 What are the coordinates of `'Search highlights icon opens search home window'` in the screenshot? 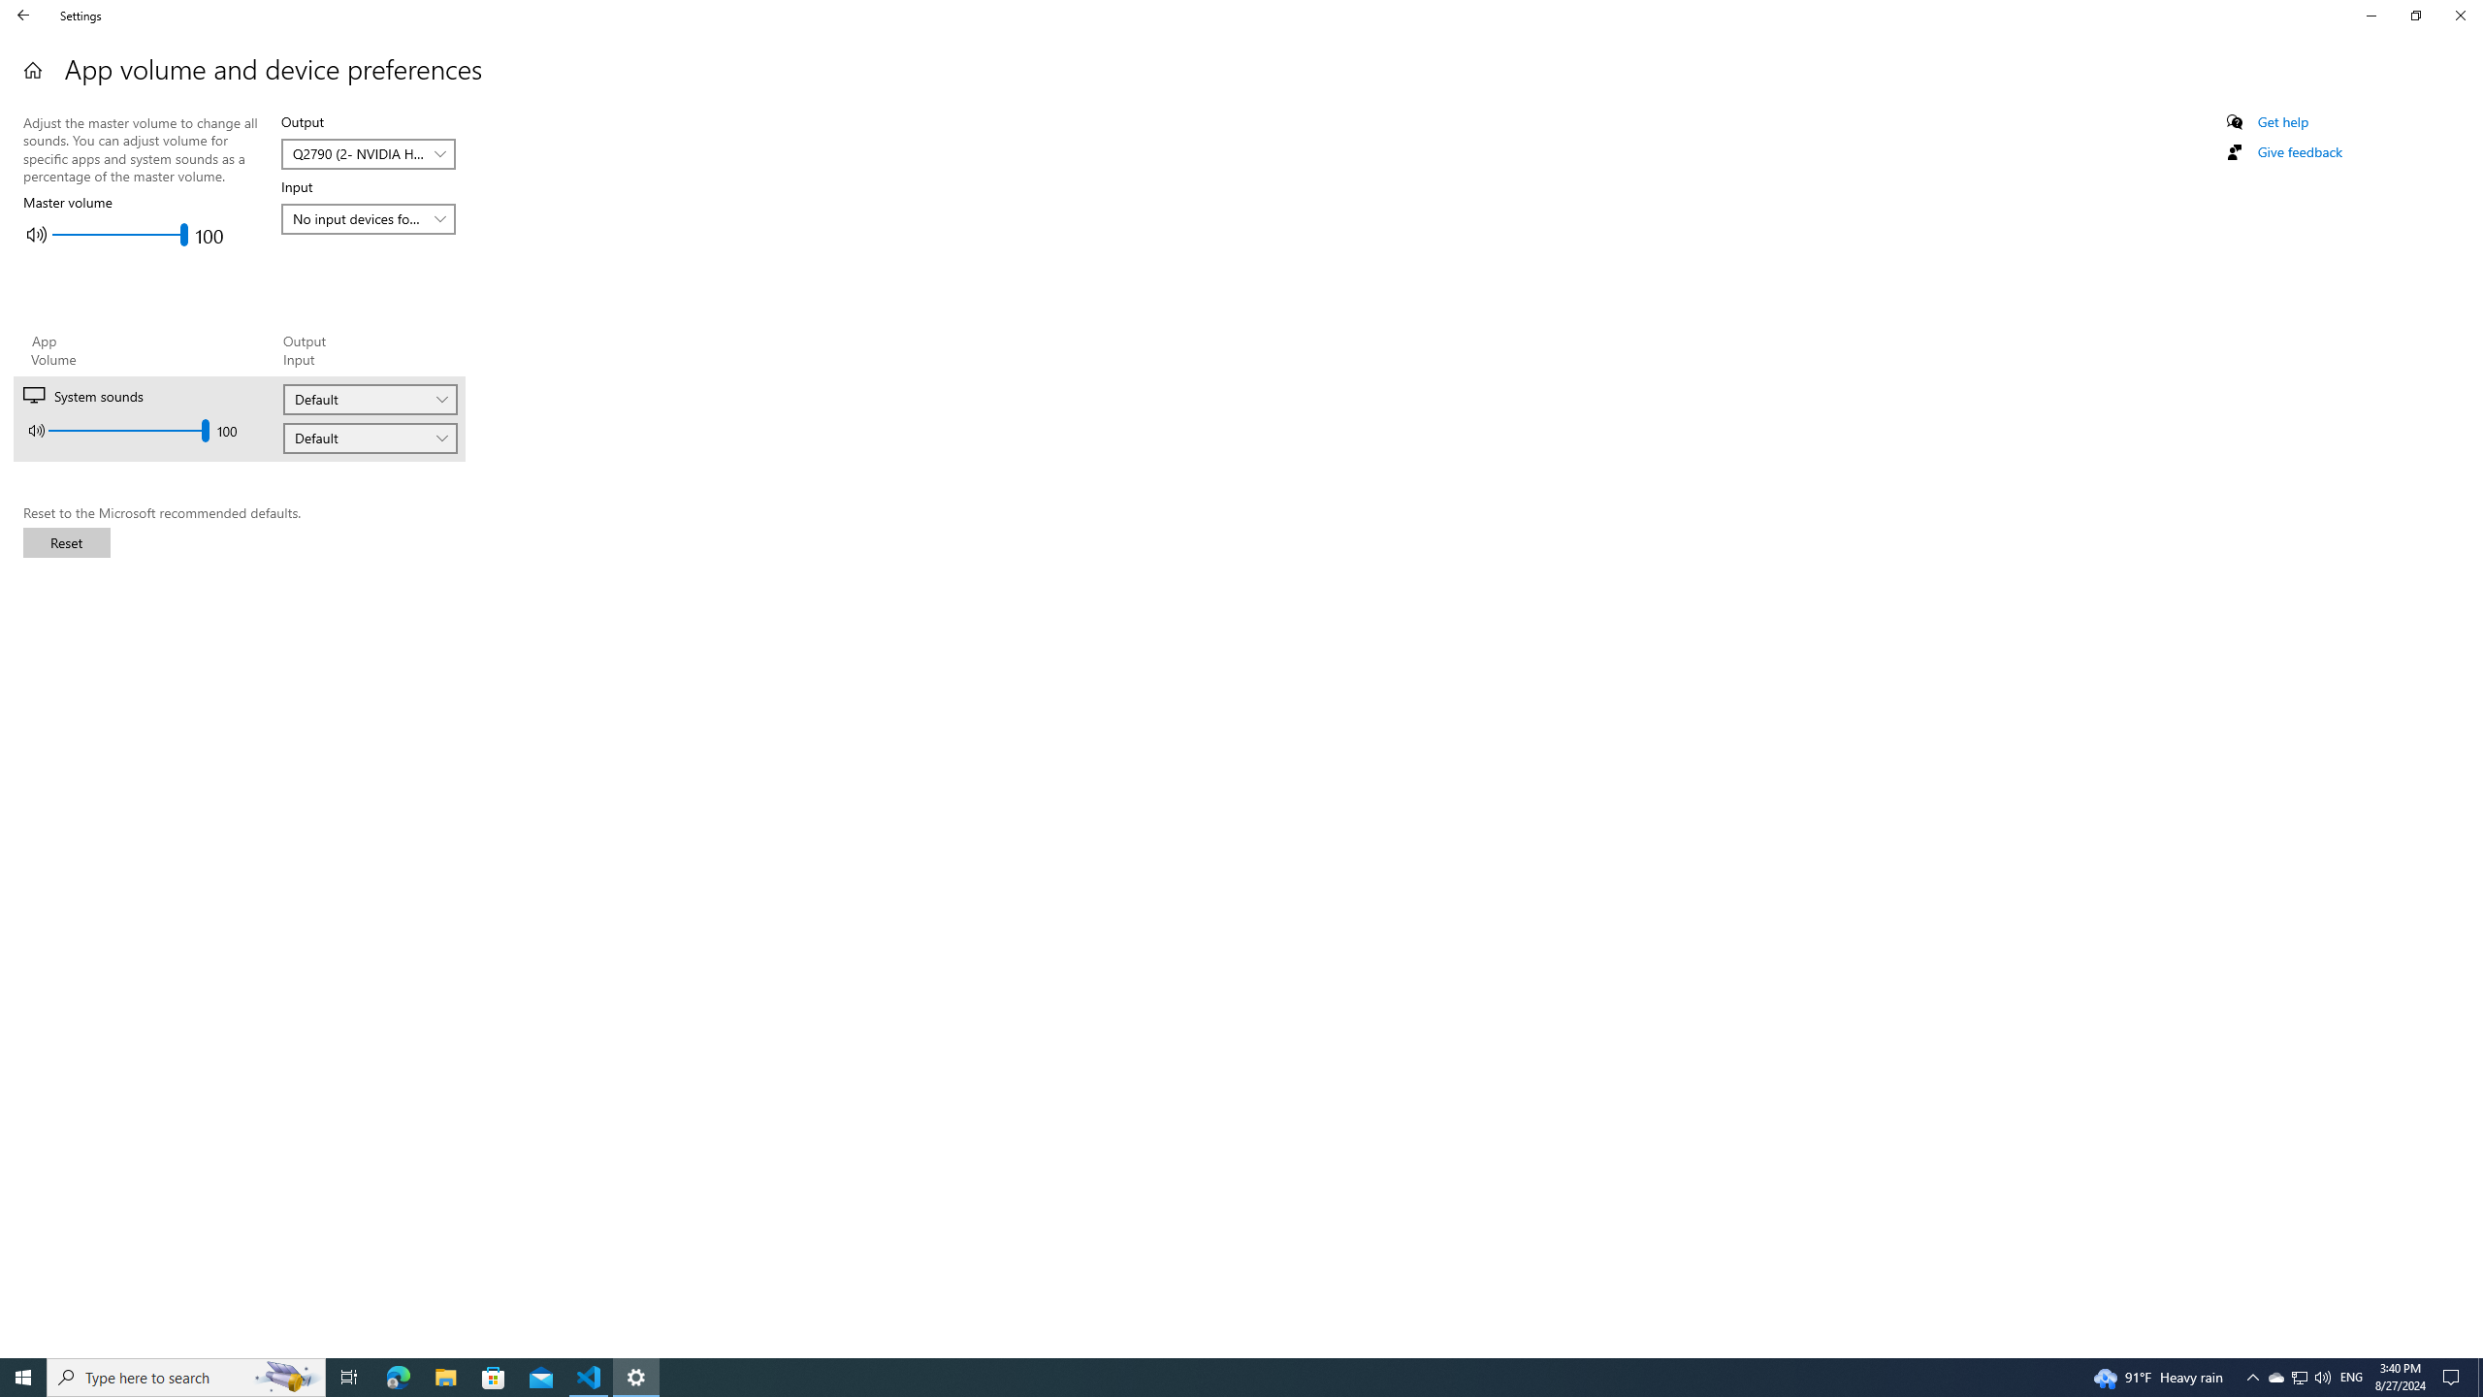 It's located at (285, 1376).